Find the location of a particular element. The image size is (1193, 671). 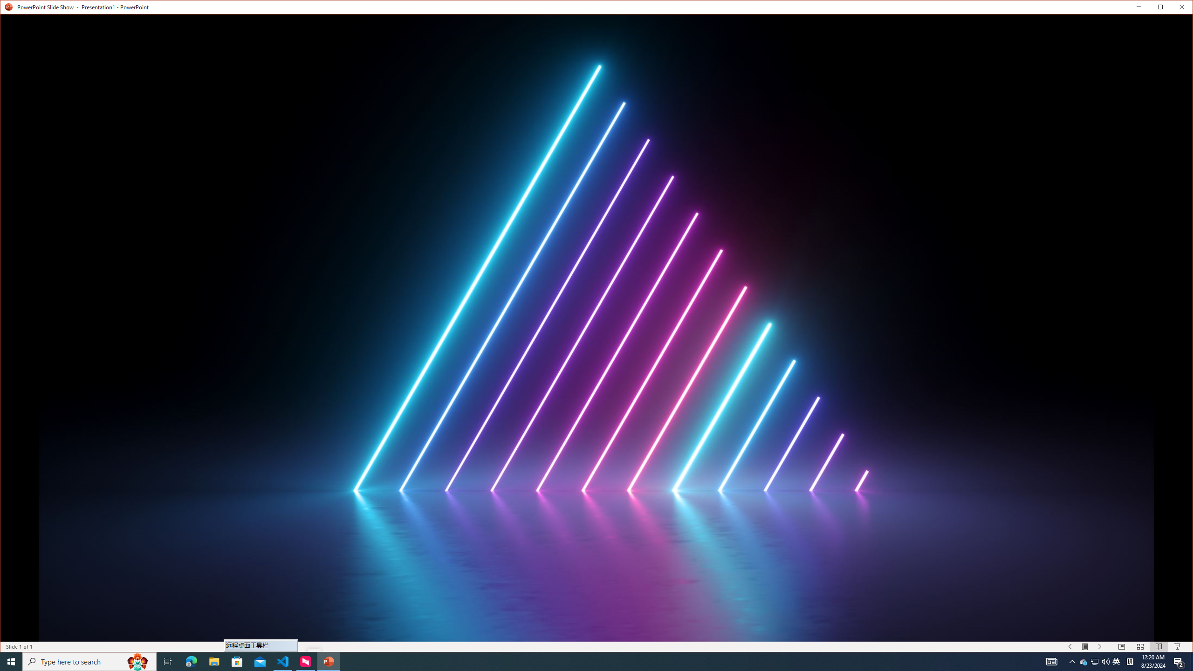

'Search highlights icon opens search home window' is located at coordinates (137, 661).